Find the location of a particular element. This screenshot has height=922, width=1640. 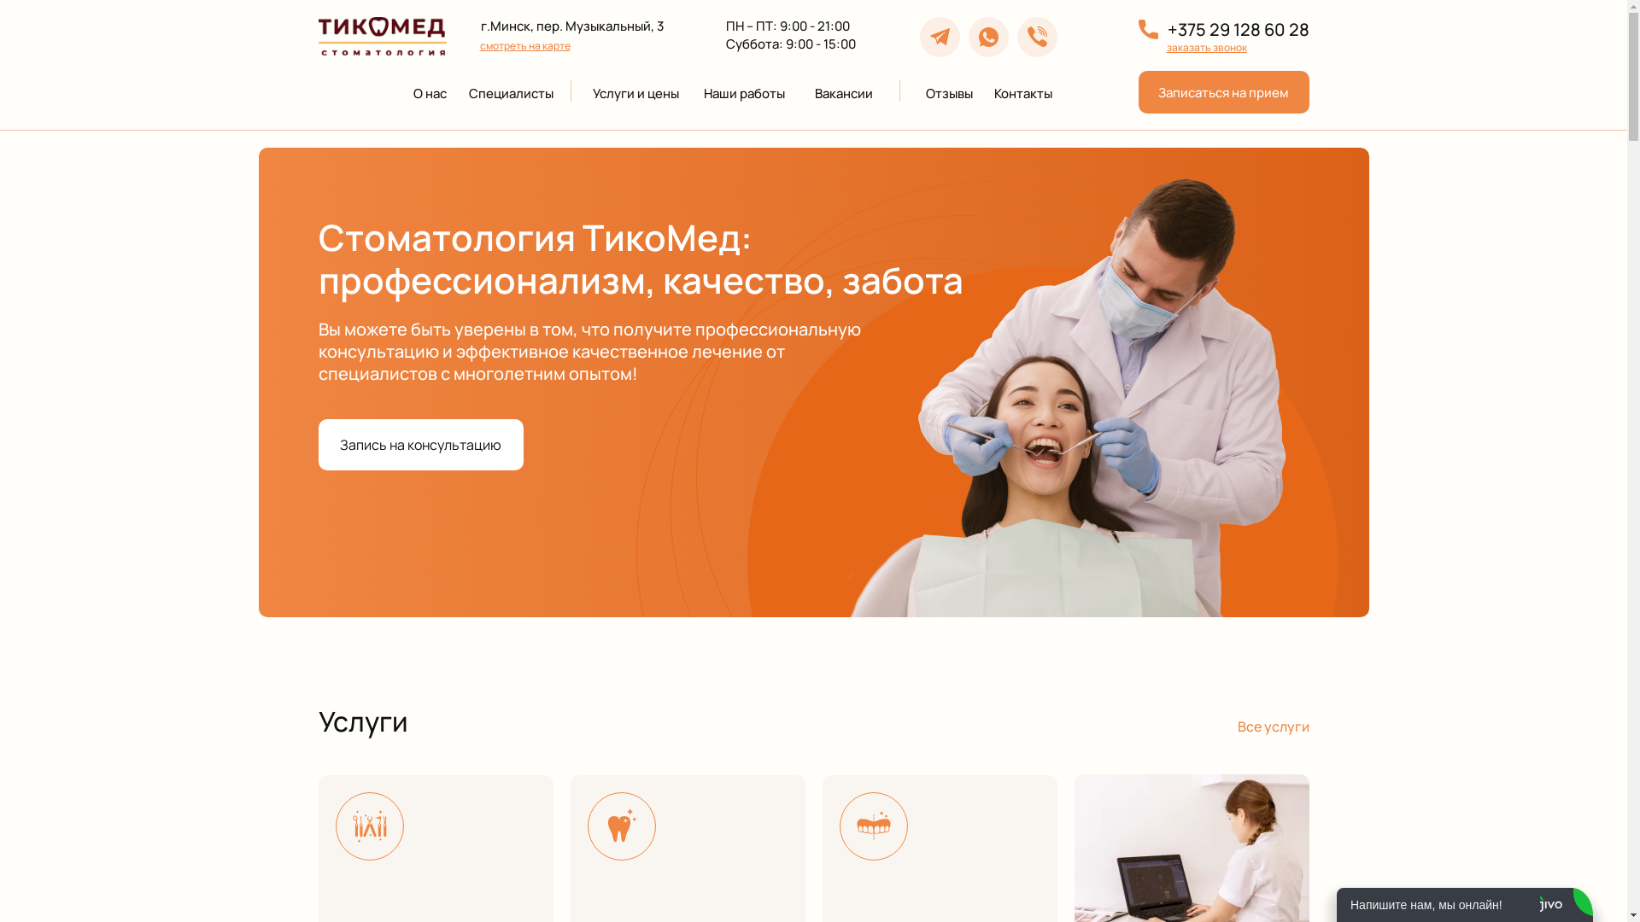

'+375 29 128 60 28' is located at coordinates (1241, 29).